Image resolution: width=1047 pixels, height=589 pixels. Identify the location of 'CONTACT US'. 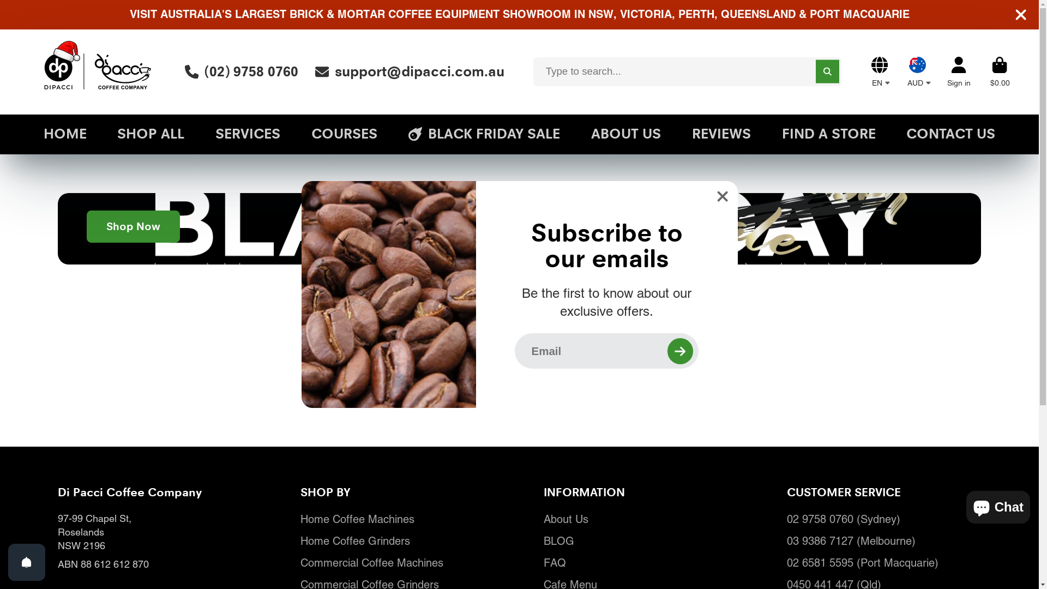
(950, 133).